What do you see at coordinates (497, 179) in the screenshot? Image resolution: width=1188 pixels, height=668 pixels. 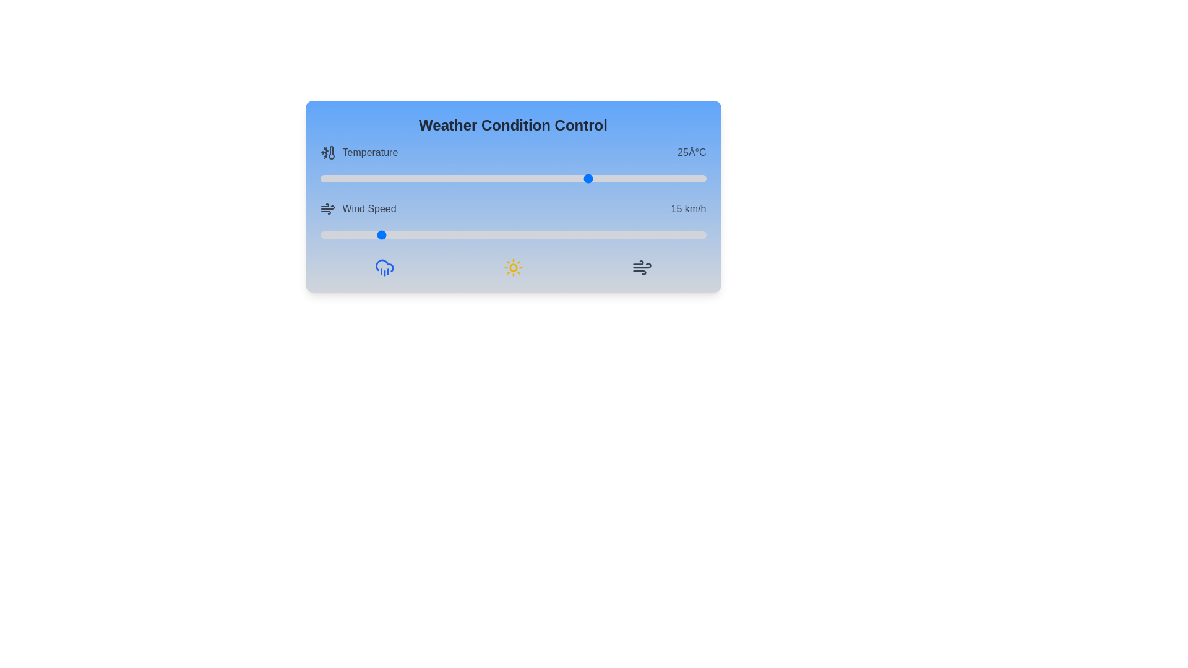 I see `the temperature slider to 13°C` at bounding box center [497, 179].